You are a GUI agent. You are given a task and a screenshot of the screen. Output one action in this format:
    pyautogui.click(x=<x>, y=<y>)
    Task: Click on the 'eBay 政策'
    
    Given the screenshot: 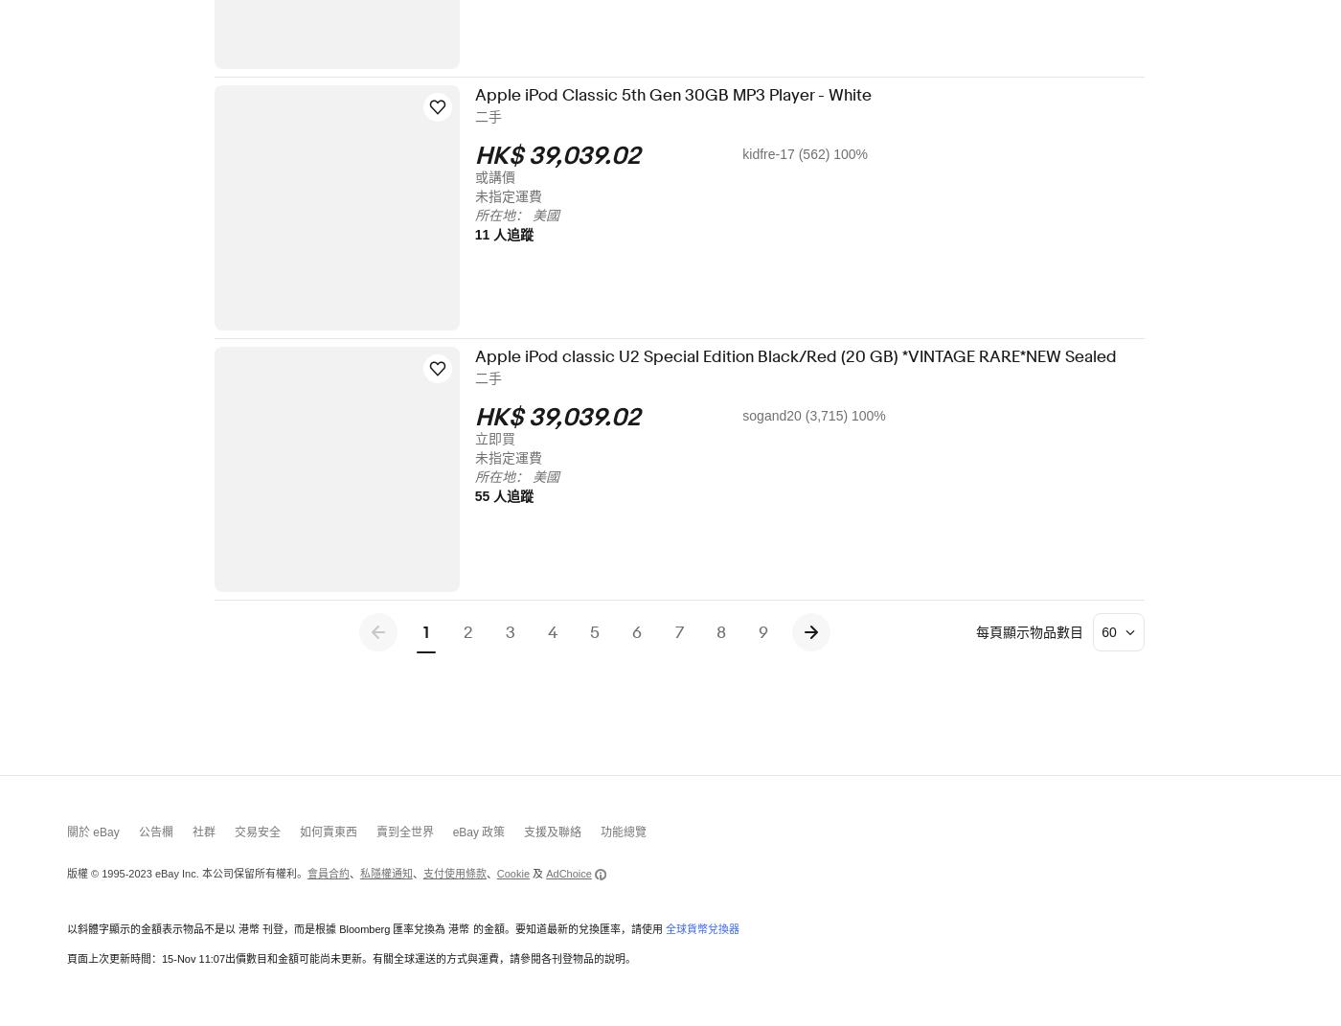 What is the action you would take?
    pyautogui.click(x=451, y=832)
    